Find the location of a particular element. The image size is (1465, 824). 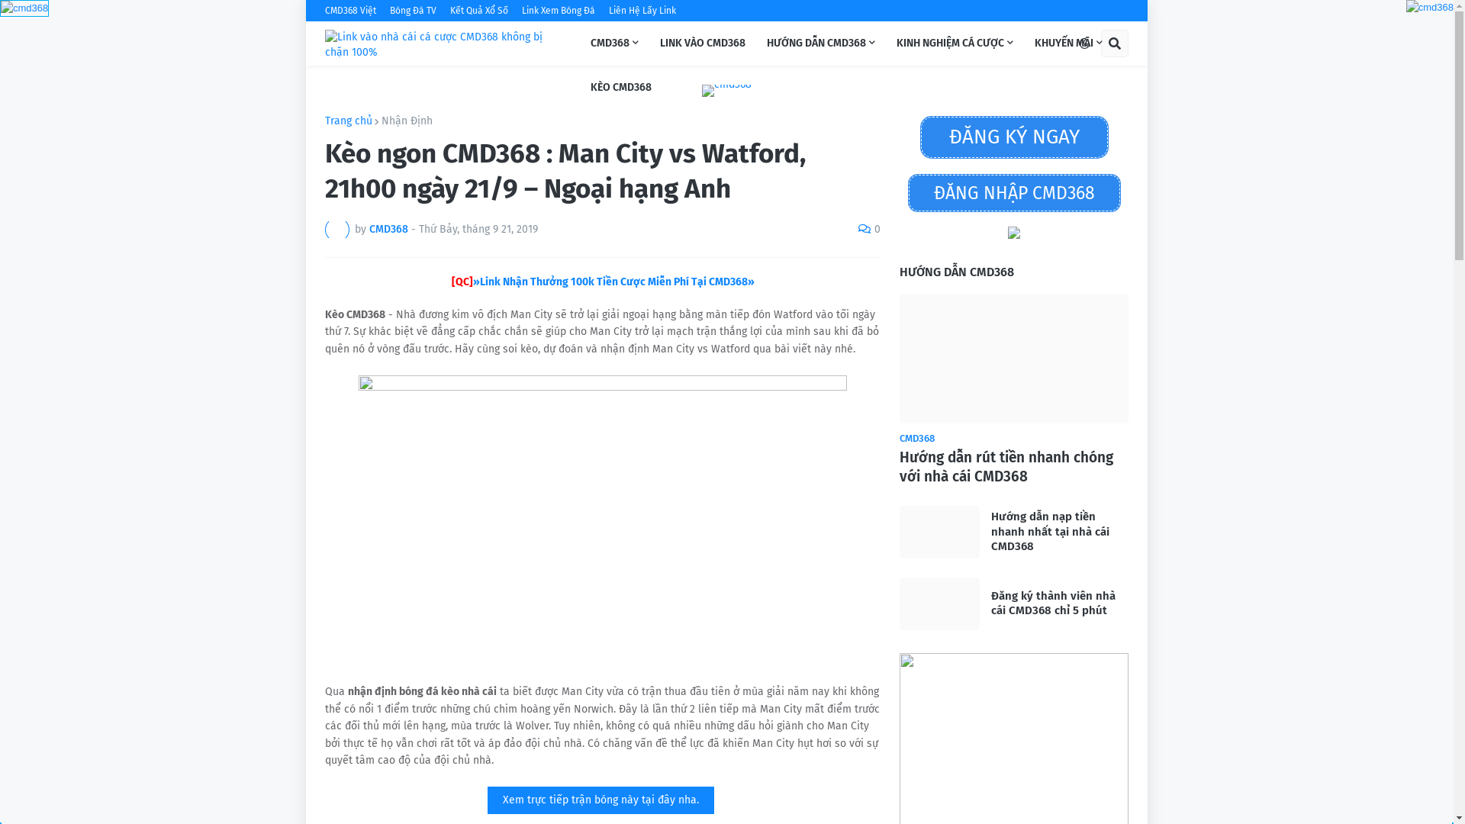

'cmd368' is located at coordinates (0, 8).